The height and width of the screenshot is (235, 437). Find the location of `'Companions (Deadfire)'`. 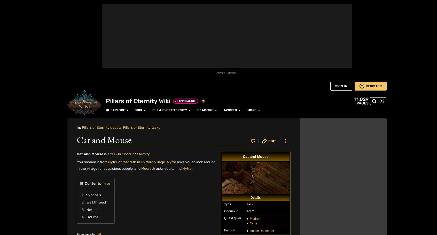

'Companions (Deadfire)' is located at coordinates (340, 31).